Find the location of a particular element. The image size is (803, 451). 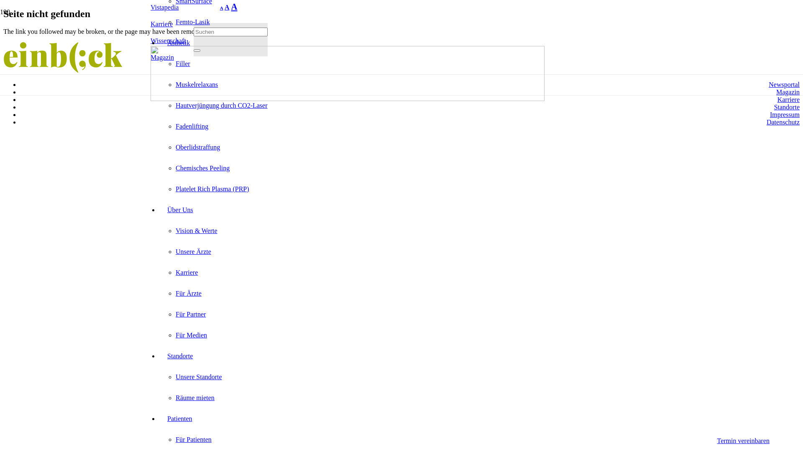

'Oberlidstraffung' is located at coordinates (197, 147).